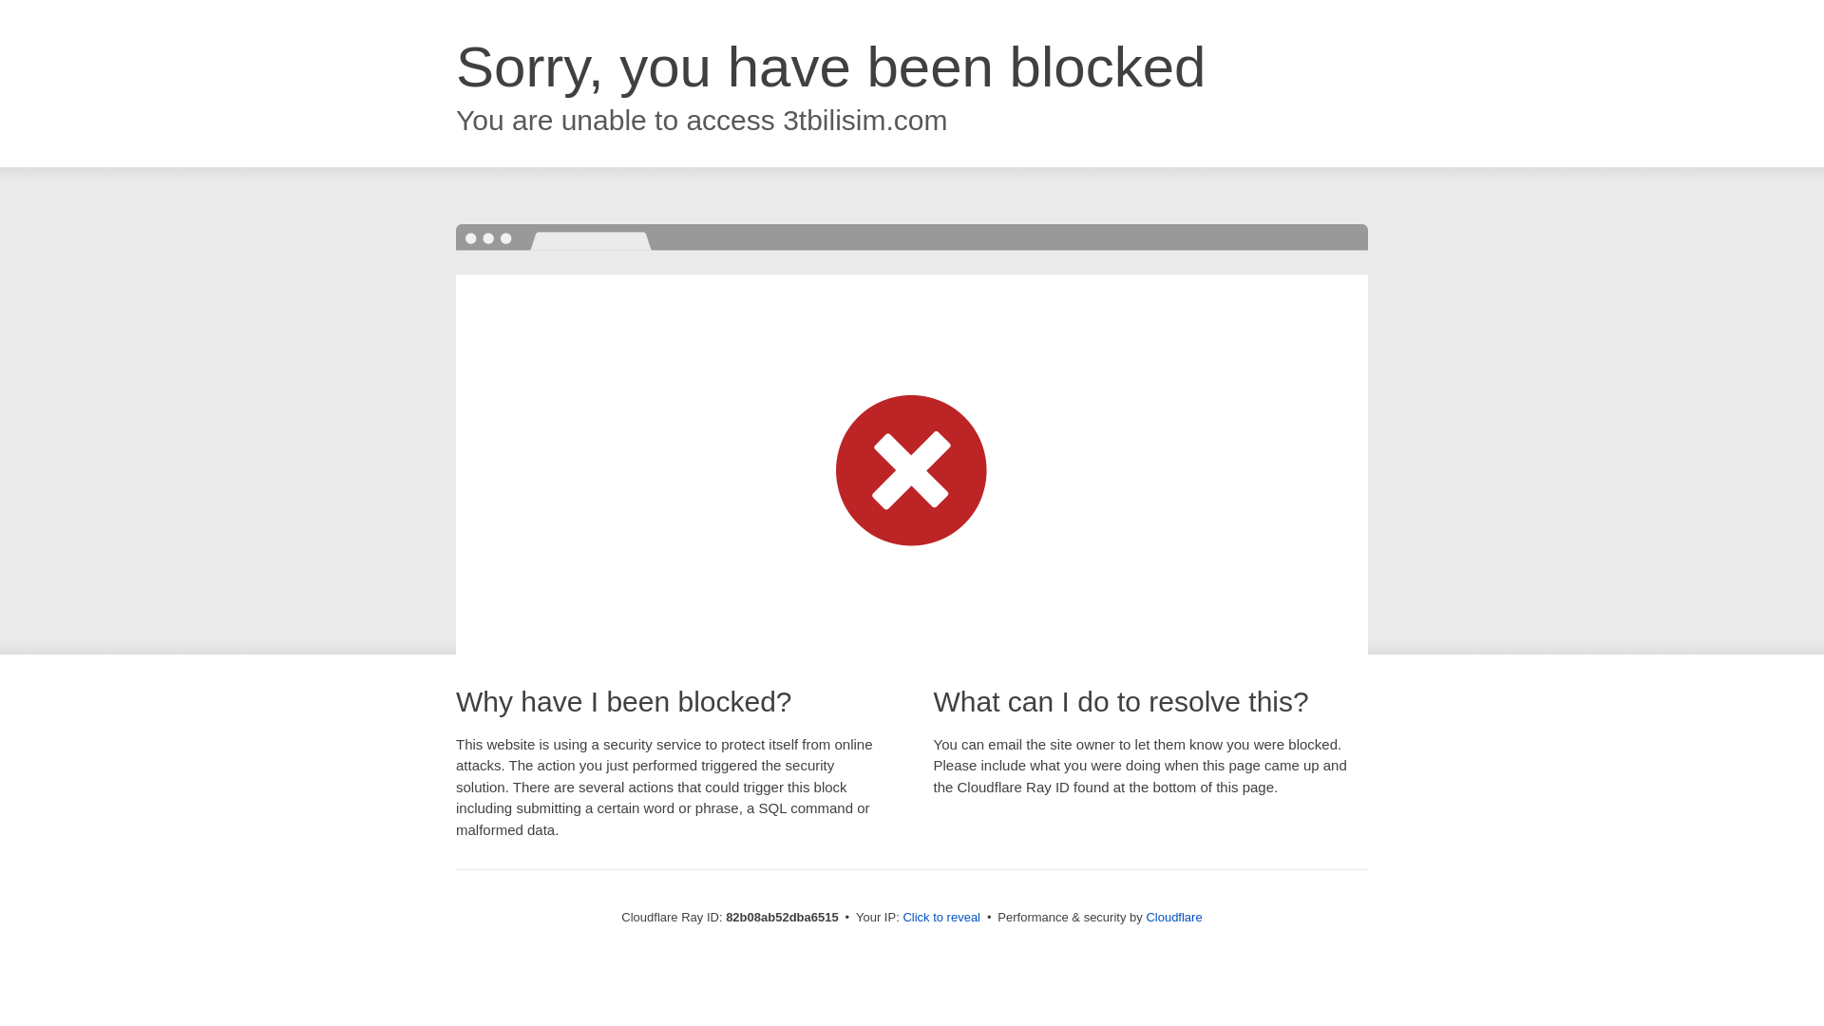  What do you see at coordinates (940, 916) in the screenshot?
I see `'Click to reveal'` at bounding box center [940, 916].